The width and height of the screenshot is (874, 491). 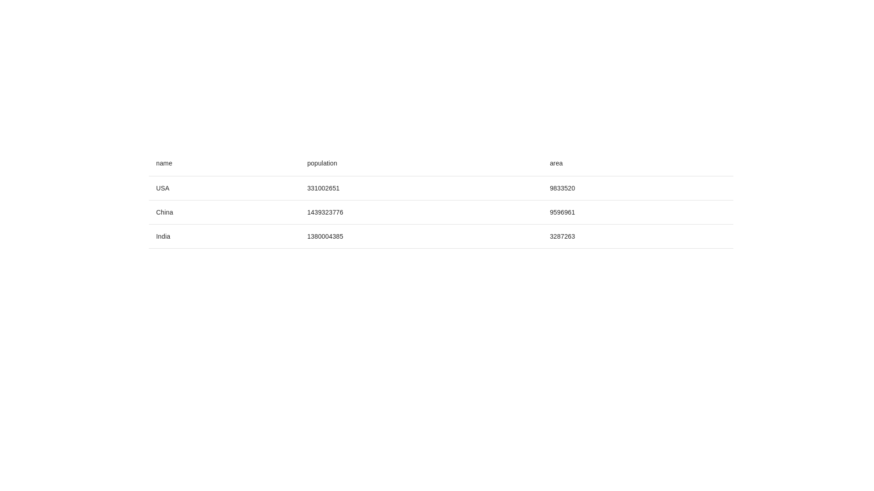 What do you see at coordinates (224, 187) in the screenshot?
I see `the first cell of the first data row in the table that displays the country name 'USA'` at bounding box center [224, 187].